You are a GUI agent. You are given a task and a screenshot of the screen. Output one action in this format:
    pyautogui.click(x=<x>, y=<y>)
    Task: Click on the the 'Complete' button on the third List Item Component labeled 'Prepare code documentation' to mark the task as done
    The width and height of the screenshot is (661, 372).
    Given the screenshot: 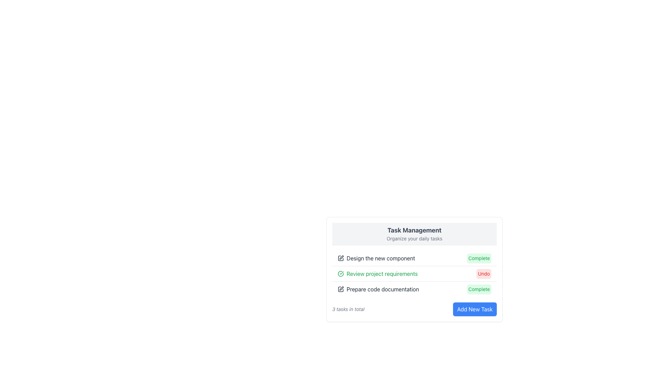 What is the action you would take?
    pyautogui.click(x=414, y=289)
    